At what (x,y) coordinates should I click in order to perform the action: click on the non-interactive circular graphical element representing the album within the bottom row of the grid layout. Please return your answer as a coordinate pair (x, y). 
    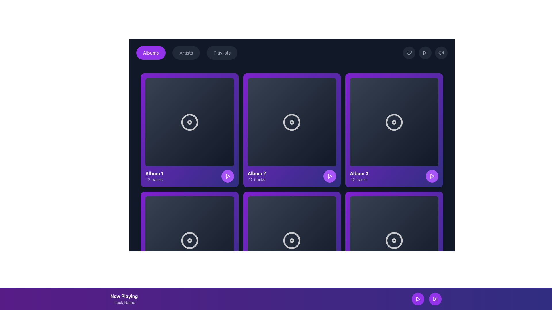
    Looking at the image, I should click on (292, 240).